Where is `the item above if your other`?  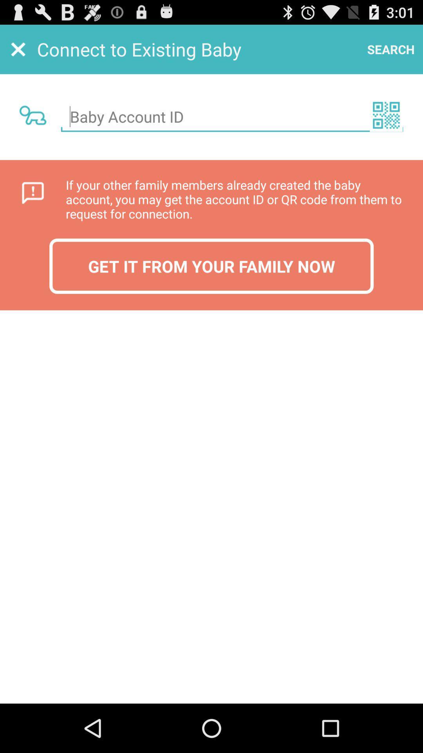
the item above if your other is located at coordinates (386, 115).